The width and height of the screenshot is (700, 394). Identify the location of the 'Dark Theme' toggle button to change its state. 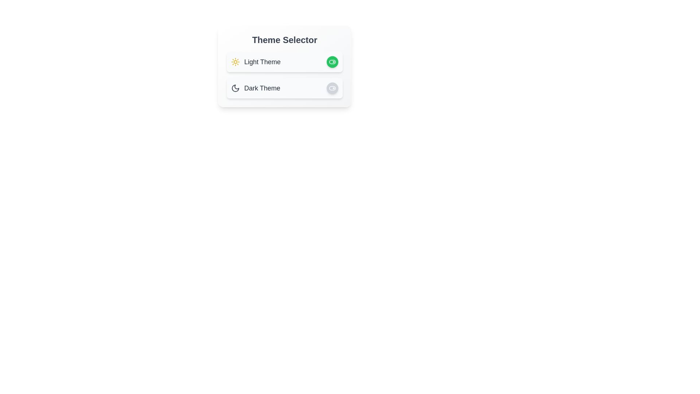
(332, 88).